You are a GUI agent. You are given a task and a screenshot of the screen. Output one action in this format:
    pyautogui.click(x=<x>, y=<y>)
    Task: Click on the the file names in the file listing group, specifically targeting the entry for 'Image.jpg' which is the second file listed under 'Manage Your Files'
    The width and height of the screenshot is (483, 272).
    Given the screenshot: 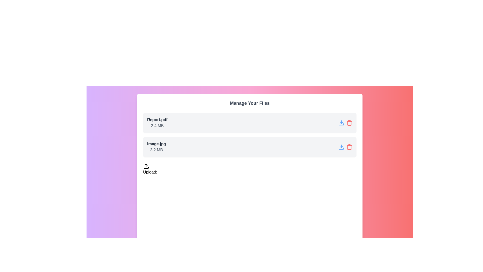 What is the action you would take?
    pyautogui.click(x=250, y=135)
    